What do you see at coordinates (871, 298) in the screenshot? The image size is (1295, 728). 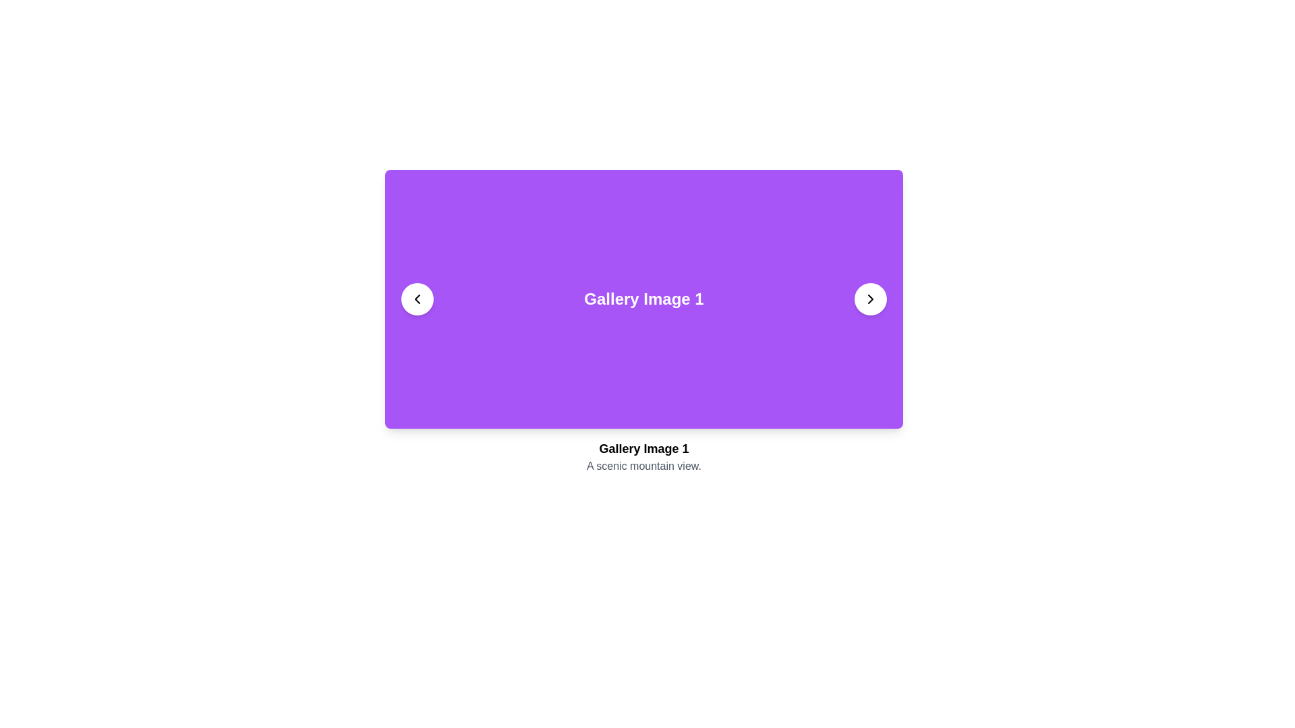 I see `the forward navigation button with a chevron icon located` at bounding box center [871, 298].